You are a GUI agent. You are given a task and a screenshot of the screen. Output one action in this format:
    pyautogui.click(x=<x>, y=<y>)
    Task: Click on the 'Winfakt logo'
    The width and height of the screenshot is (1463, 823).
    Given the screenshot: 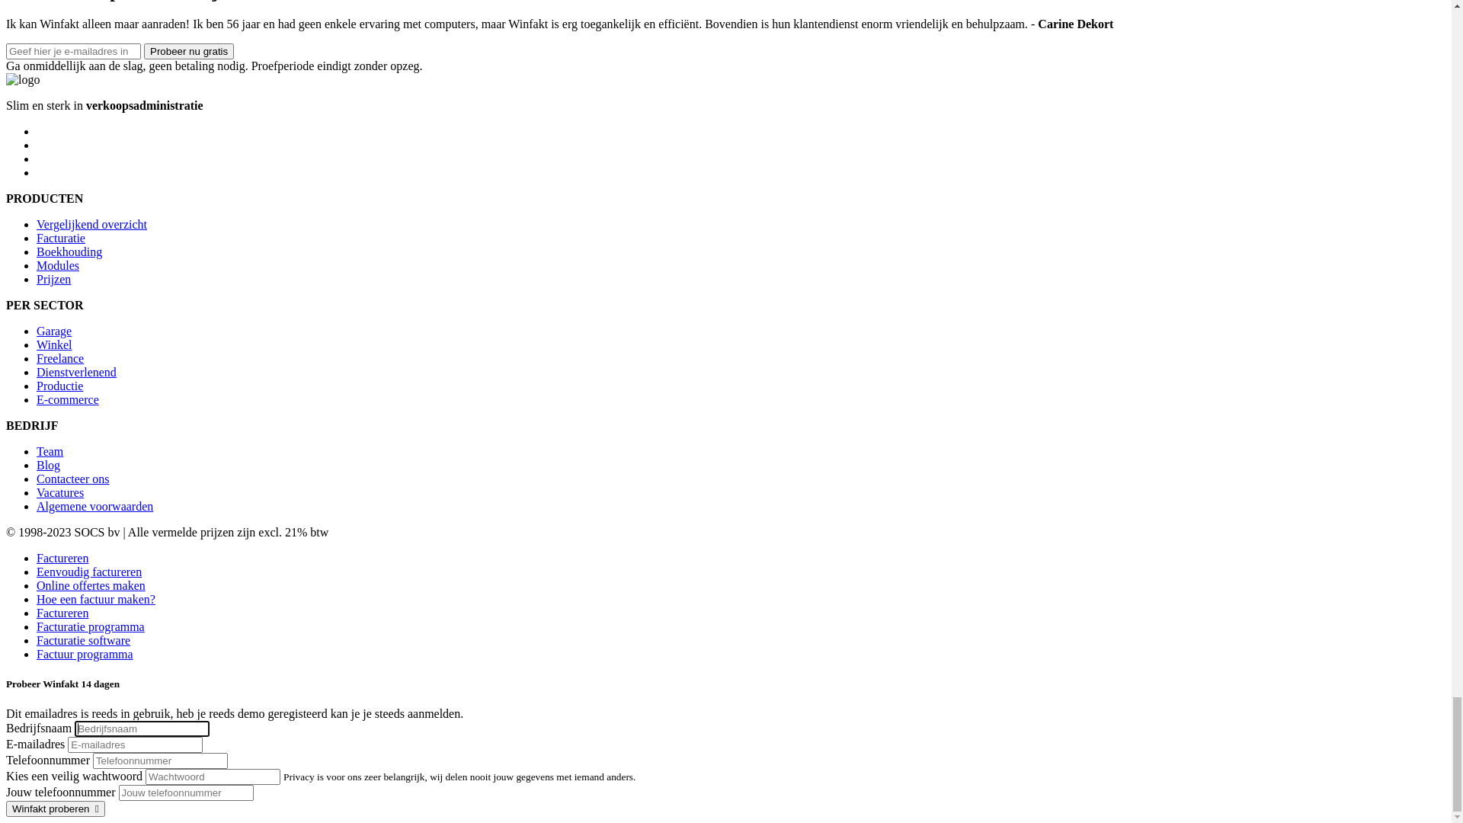 What is the action you would take?
    pyautogui.click(x=43, y=100)
    